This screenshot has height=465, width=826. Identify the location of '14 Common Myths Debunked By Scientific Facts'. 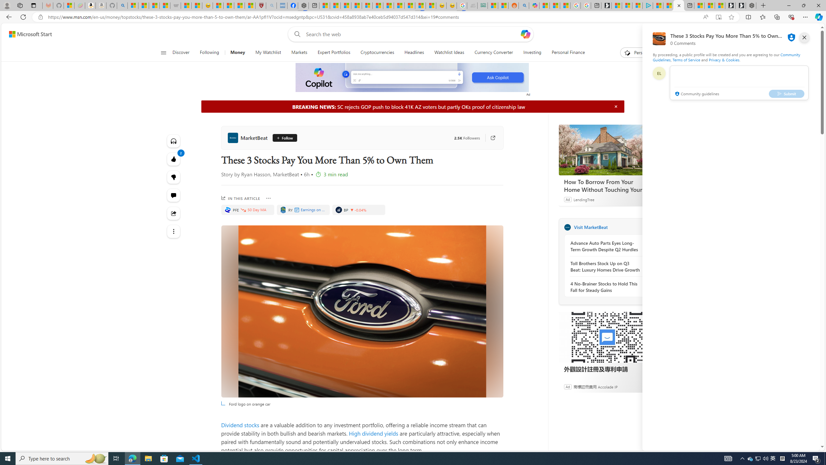
(398, 5).